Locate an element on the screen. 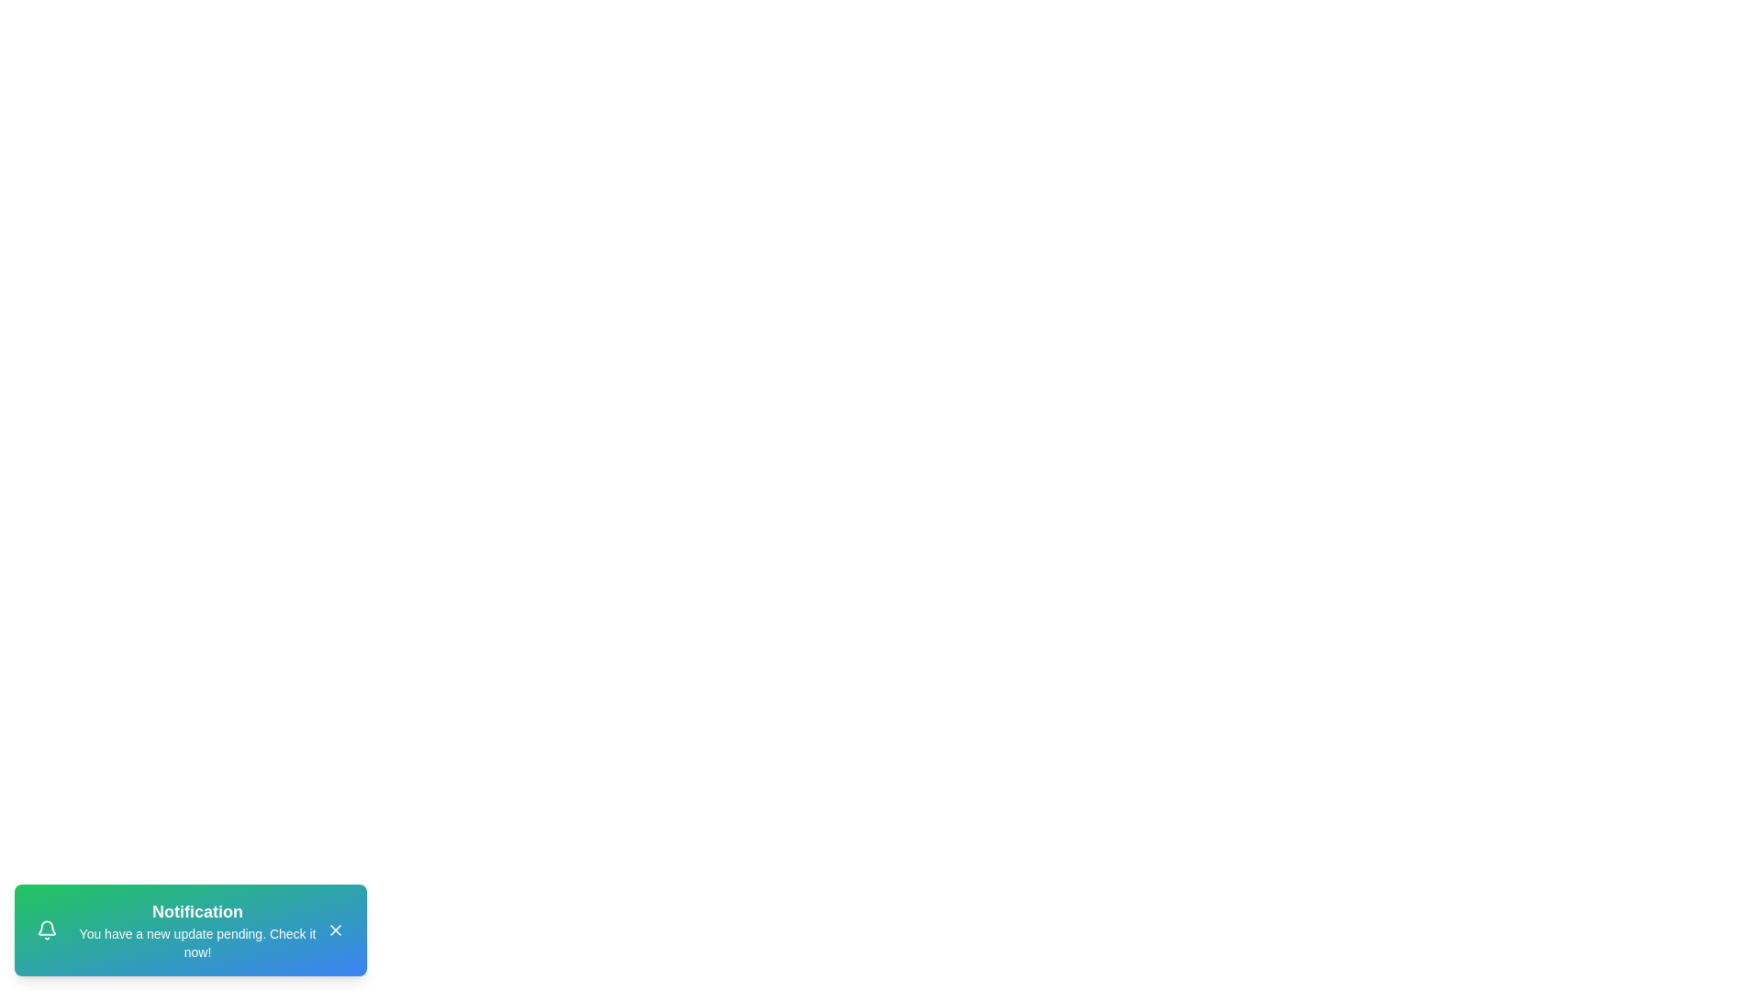  the close button to dismiss the notification is located at coordinates (335, 930).